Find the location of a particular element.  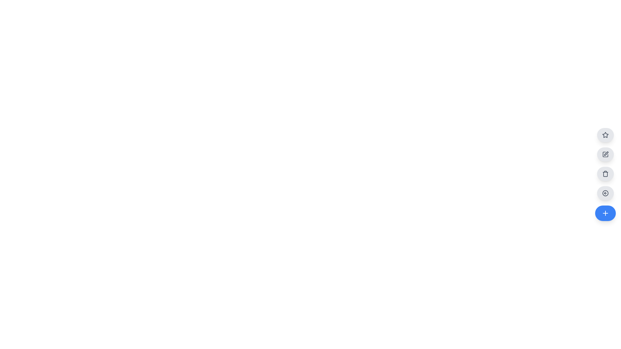

the 'Back' button located in the vertical list of buttons along the right-center edge of the interface, specifically the fourth button below 'Delete' and above 'Add', for keyboard interaction is located at coordinates (605, 193).